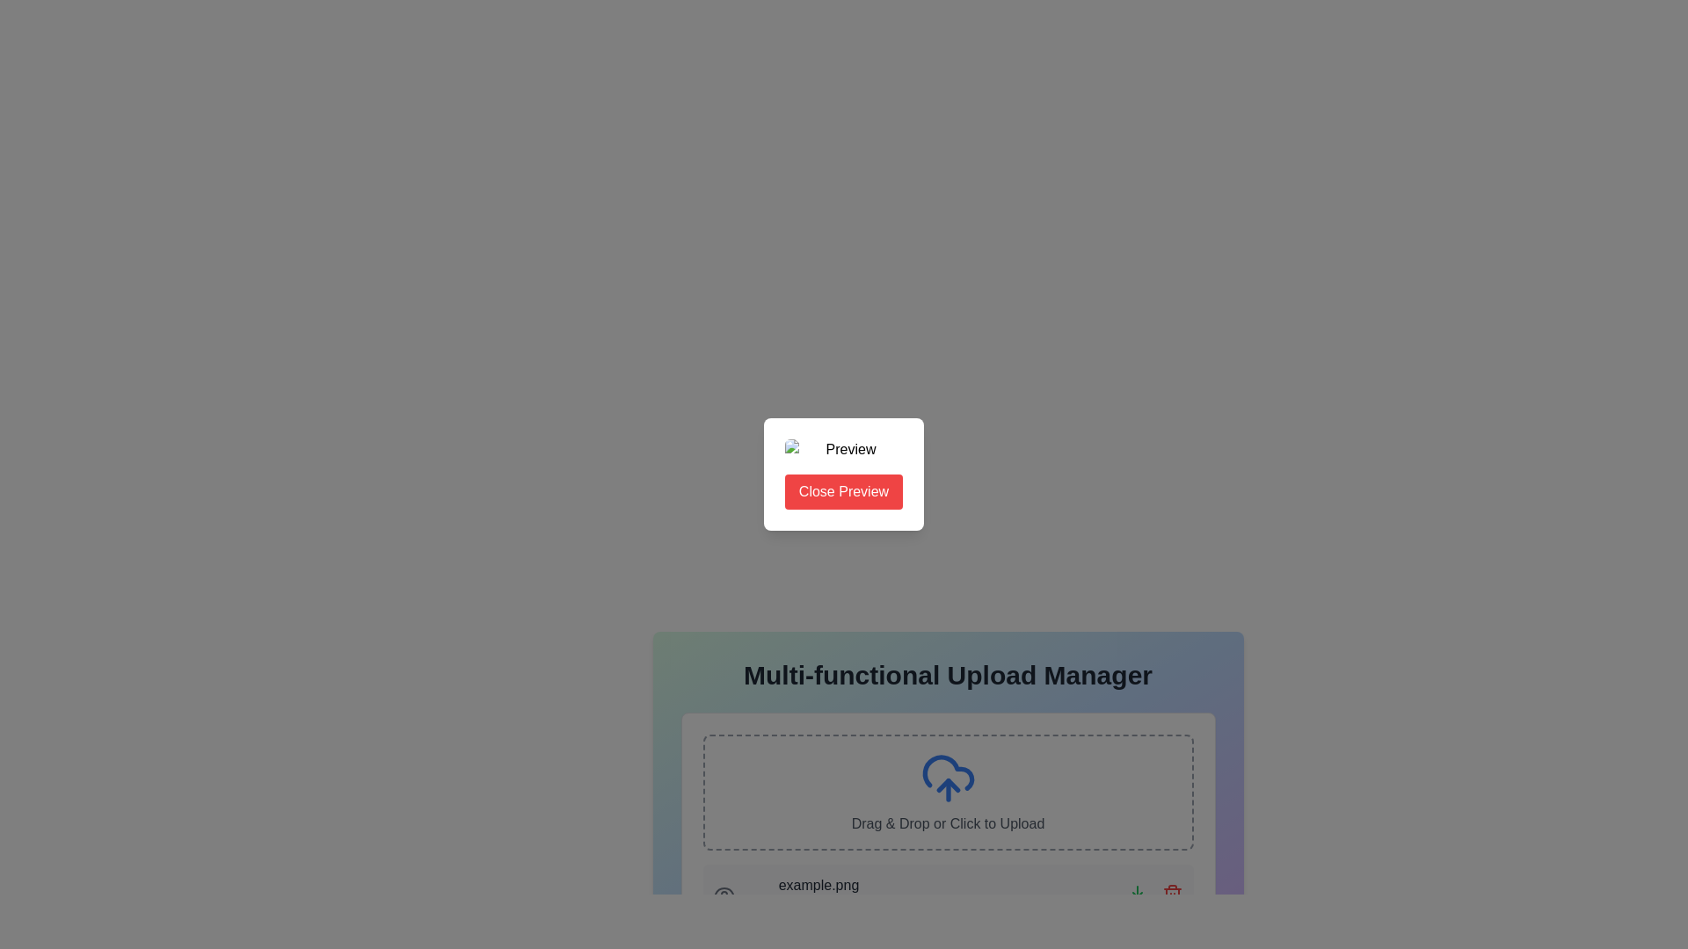 The width and height of the screenshot is (1688, 949). What do you see at coordinates (724, 895) in the screenshot?
I see `the Icon Button located to the left of the text 'example.png 2.0 KB'` at bounding box center [724, 895].